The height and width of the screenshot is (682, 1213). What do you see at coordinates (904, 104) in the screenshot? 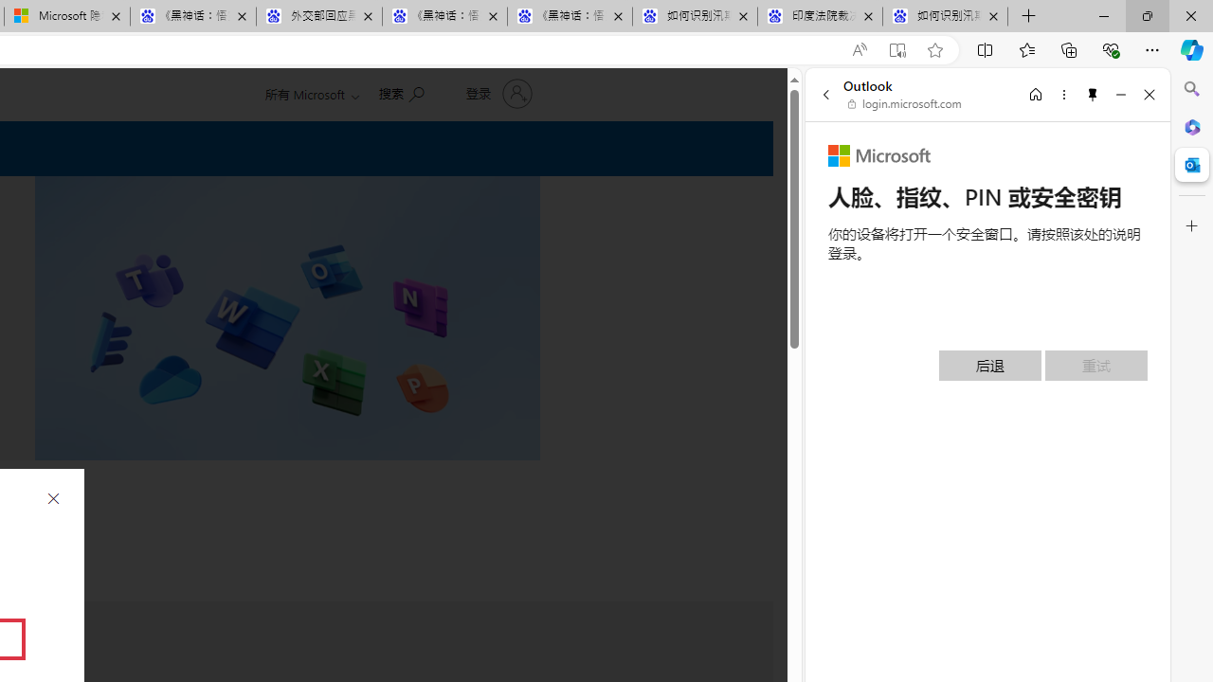
I see `'login.microsoft.com'` at bounding box center [904, 104].